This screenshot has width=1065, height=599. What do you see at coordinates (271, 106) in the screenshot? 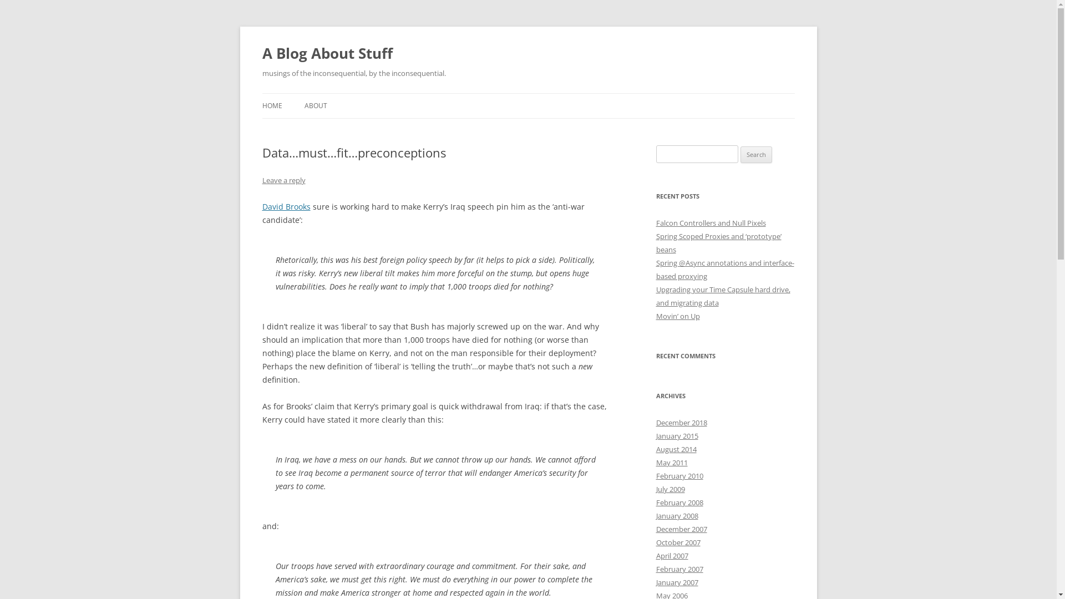
I see `'HOME'` at bounding box center [271, 106].